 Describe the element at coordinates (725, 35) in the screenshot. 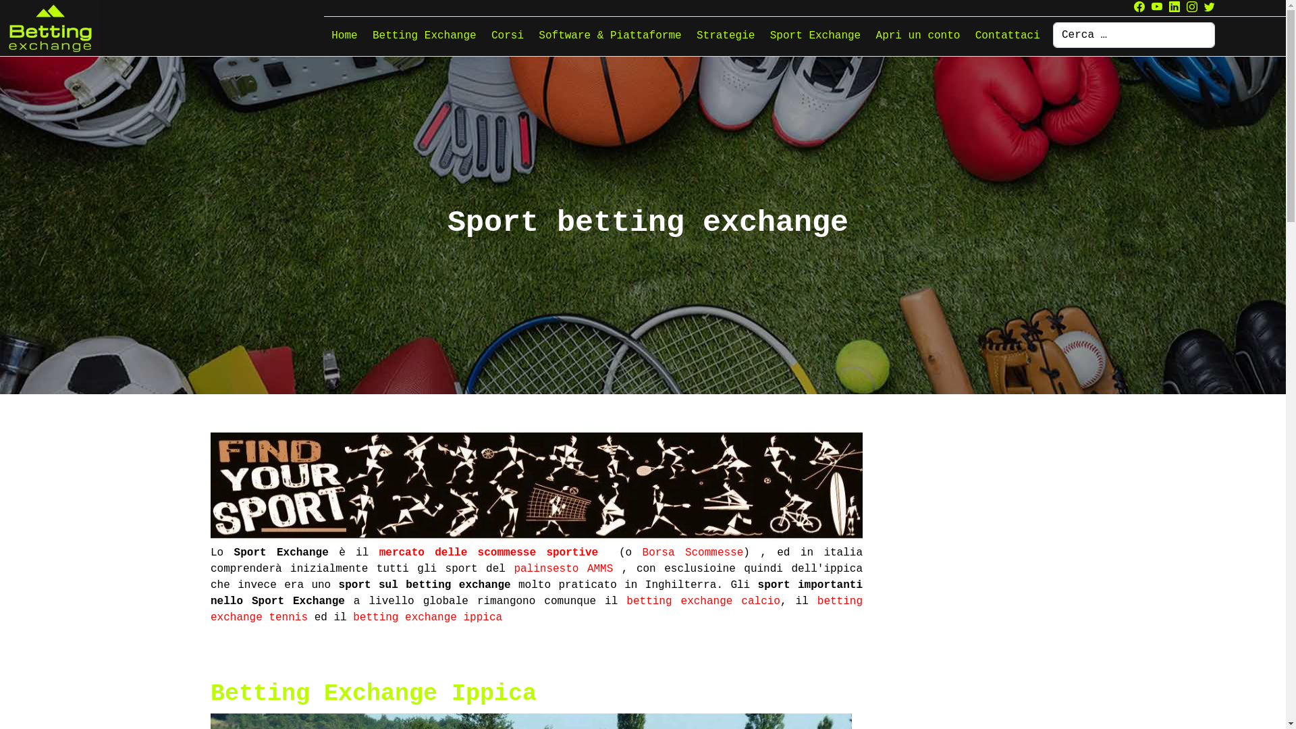

I see `'Strategie'` at that location.